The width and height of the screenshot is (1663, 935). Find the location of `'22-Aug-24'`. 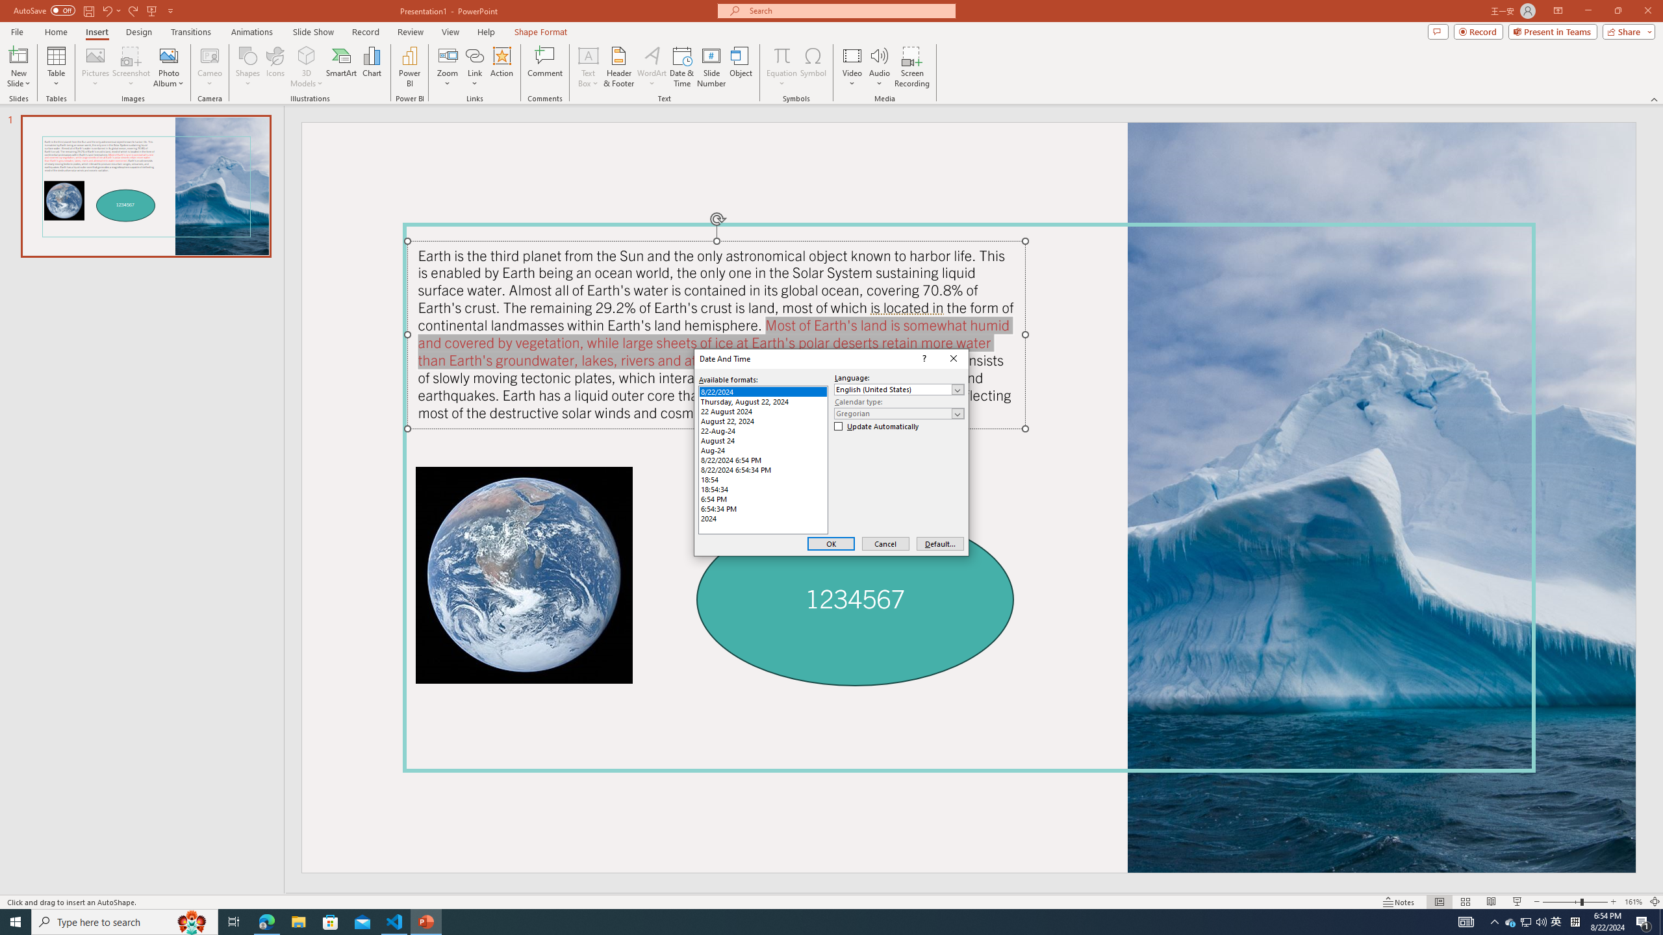

'22-Aug-24' is located at coordinates (763, 430).